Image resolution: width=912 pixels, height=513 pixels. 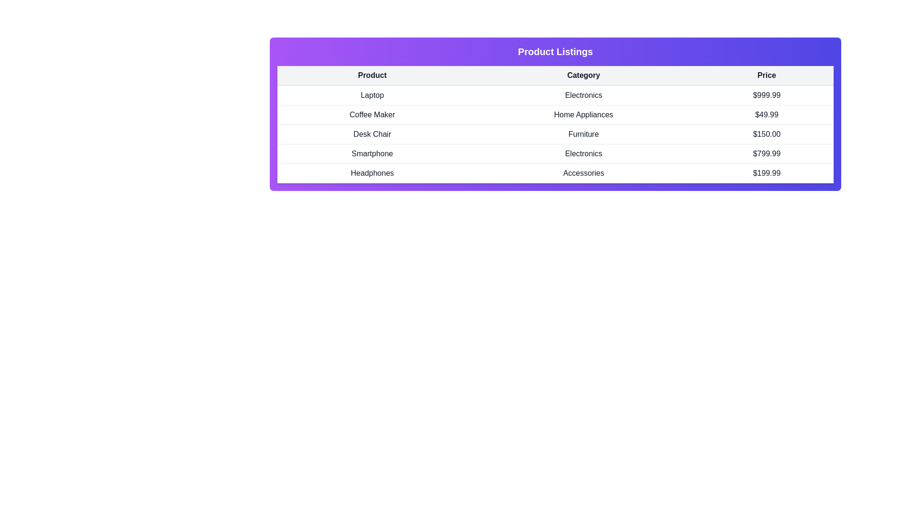 I want to click on the text label displaying 'Smartphone' located in the fourth row of the table under the 'Product' column, so click(x=371, y=153).